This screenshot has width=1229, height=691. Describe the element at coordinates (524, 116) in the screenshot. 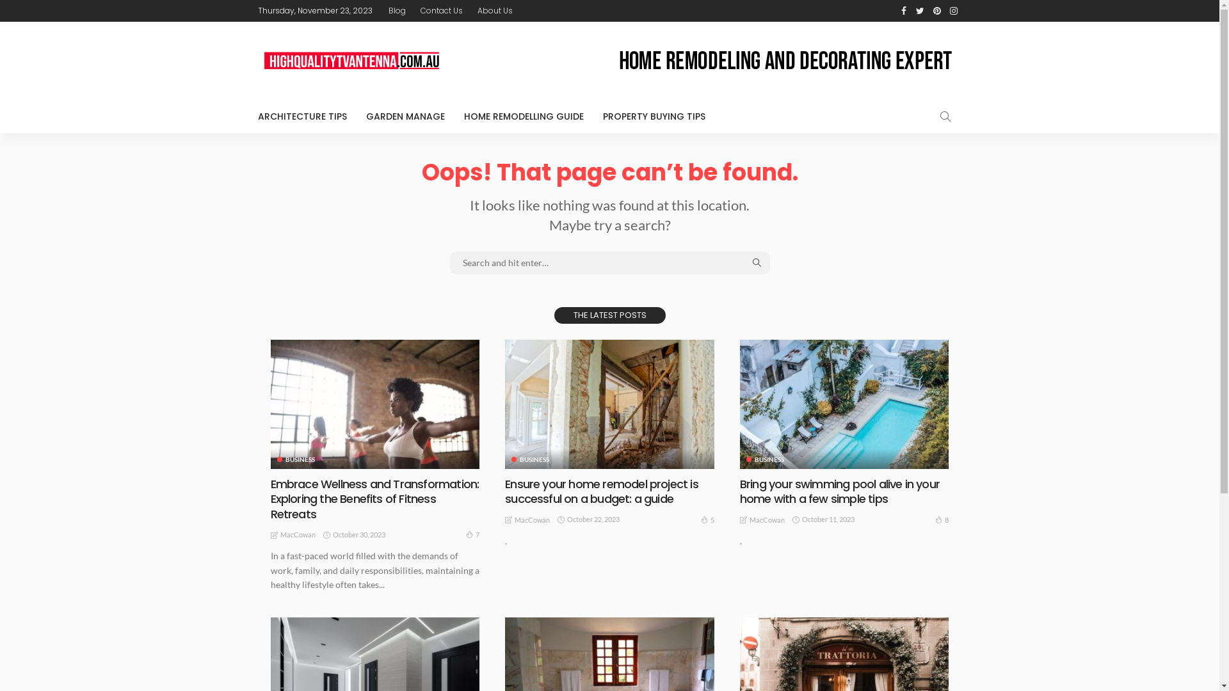

I see `'HOME REMODELLING GUIDE'` at that location.